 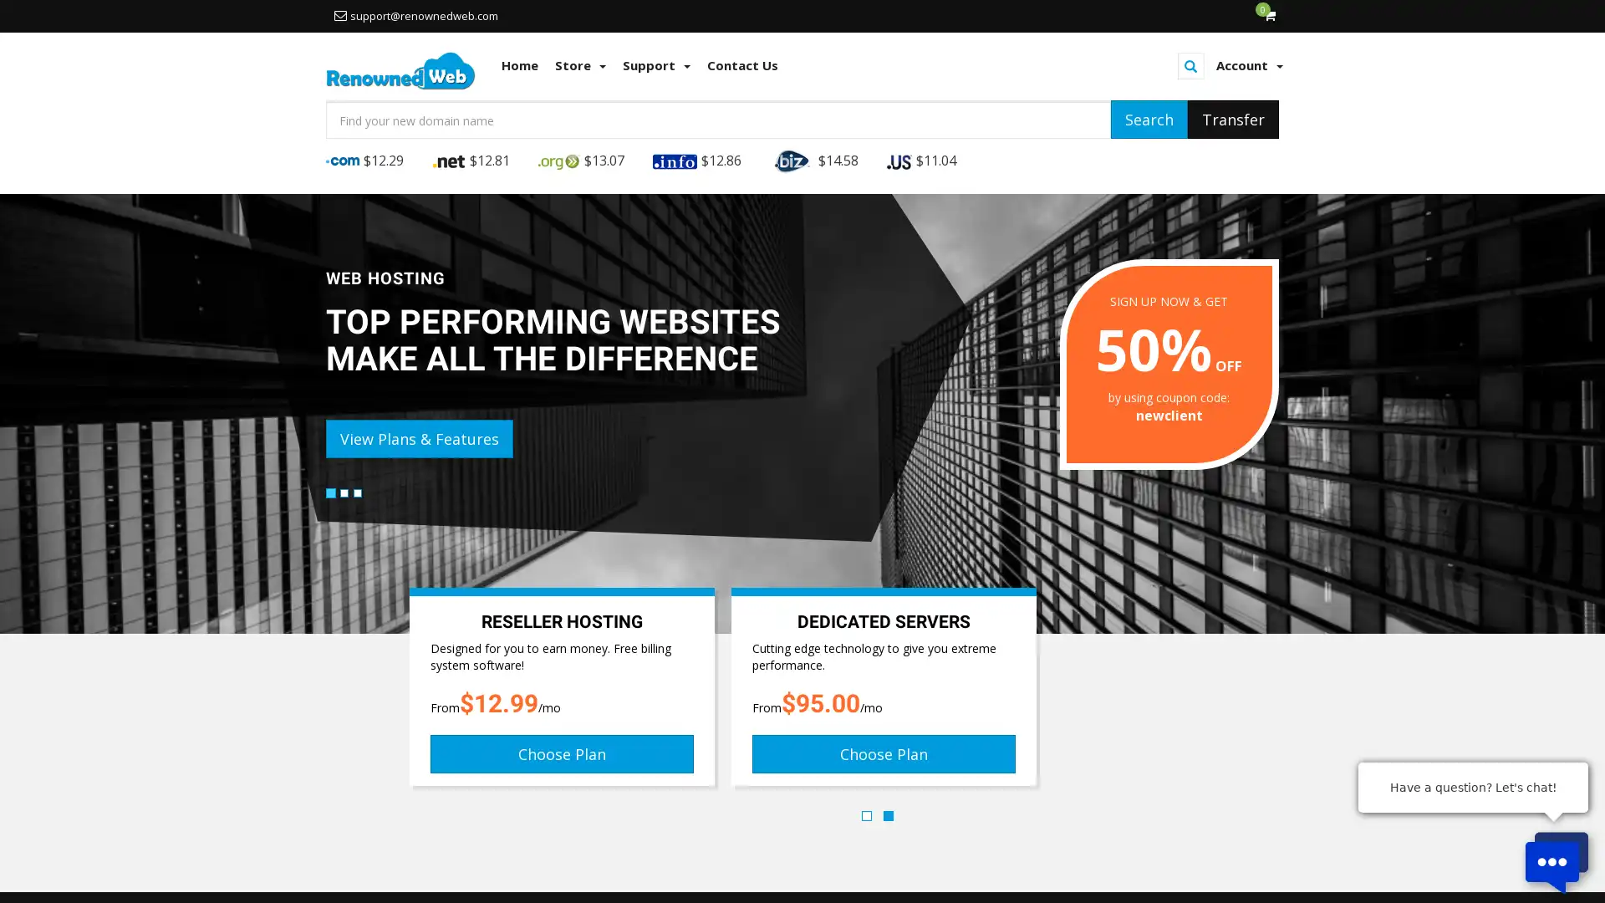 I want to click on Search, so click(x=1148, y=118).